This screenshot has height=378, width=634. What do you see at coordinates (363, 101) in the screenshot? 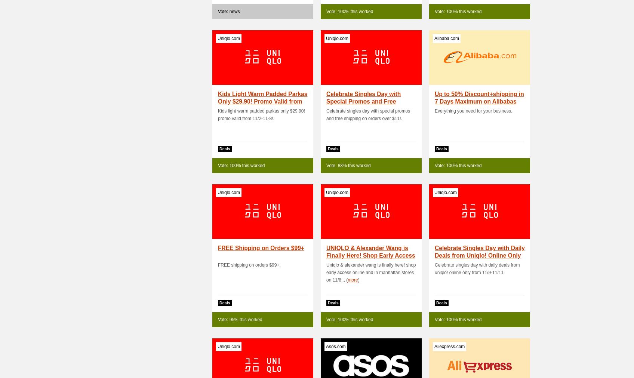
I see `'Celebrate Singles Day with Special Promos and Free Shipping on Orde.'` at bounding box center [363, 101].